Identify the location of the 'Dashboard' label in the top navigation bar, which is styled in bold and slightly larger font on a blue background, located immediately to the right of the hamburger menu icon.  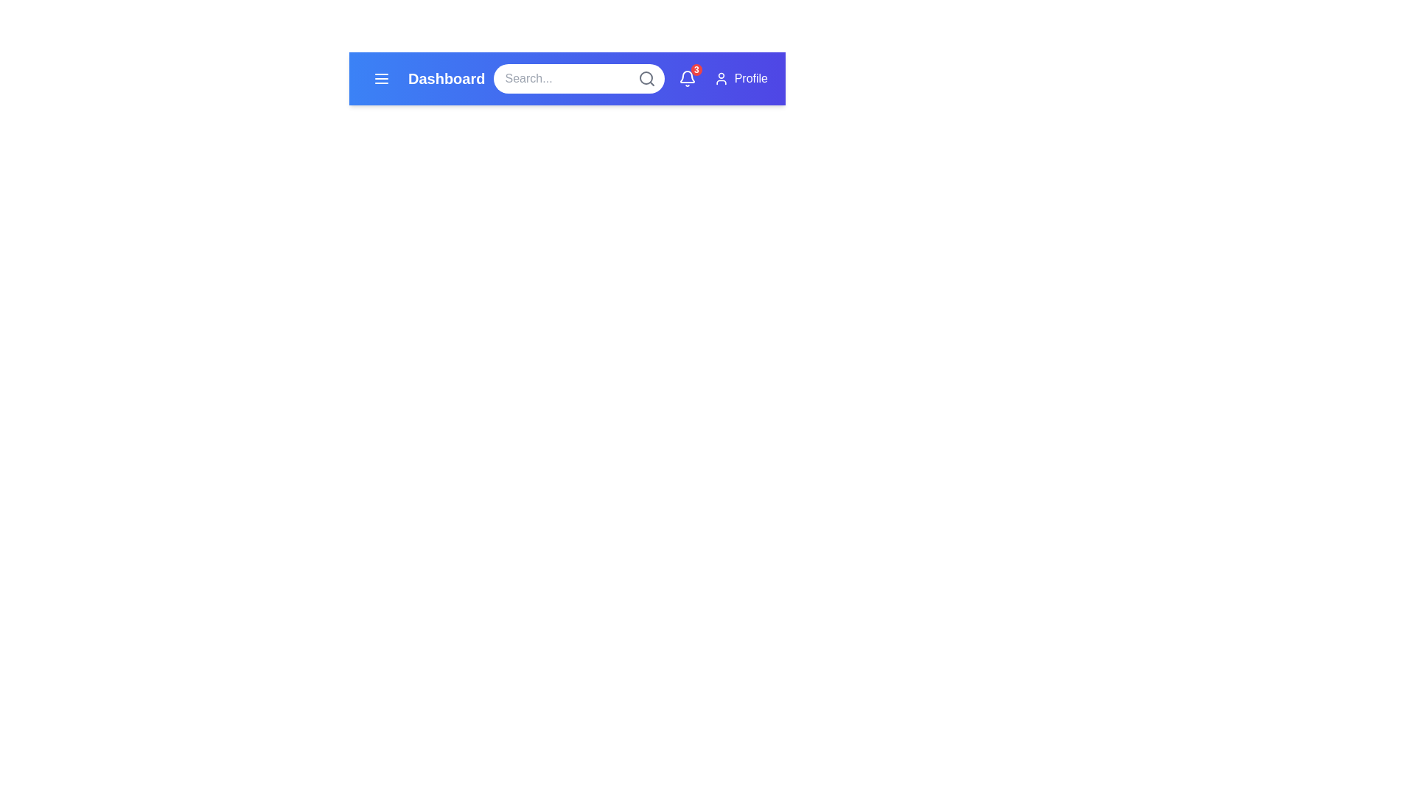
(425, 79).